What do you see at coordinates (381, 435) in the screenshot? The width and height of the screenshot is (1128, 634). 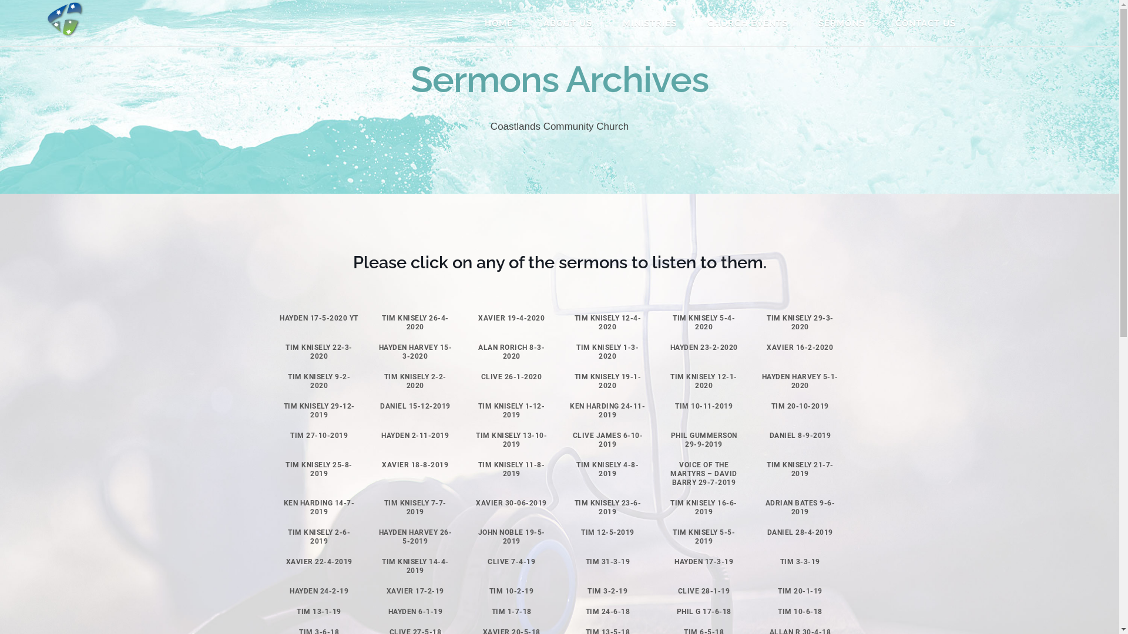 I see `'HAYDEN 2-11-2019'` at bounding box center [381, 435].